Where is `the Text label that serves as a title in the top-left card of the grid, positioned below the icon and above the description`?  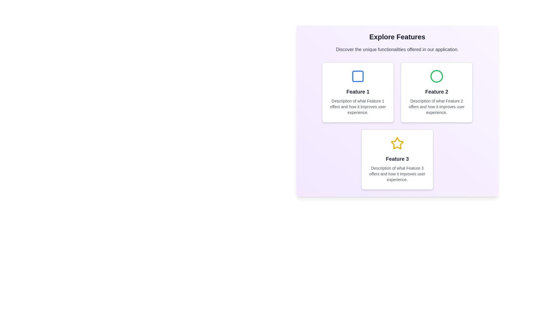 the Text label that serves as a title in the top-left card of the grid, positioned below the icon and above the description is located at coordinates (357, 92).